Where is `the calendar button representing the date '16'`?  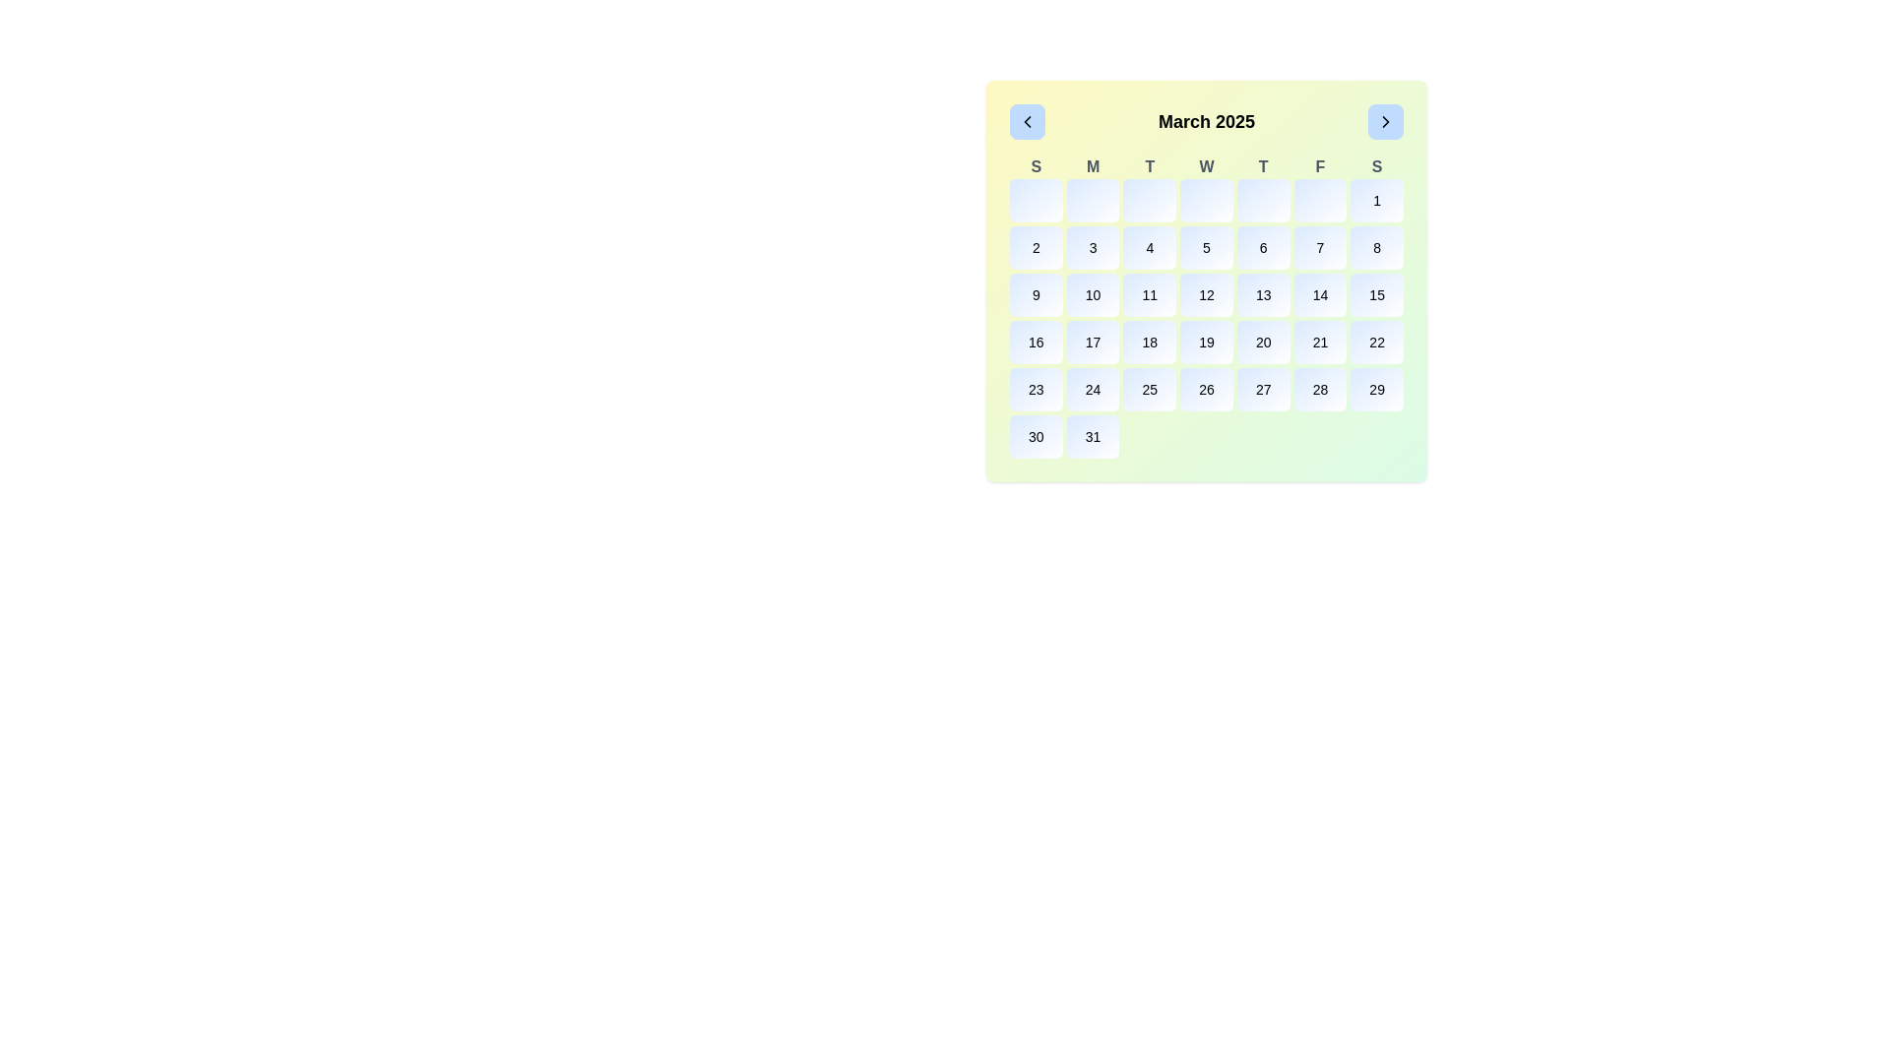 the calendar button representing the date '16' is located at coordinates (1035, 341).